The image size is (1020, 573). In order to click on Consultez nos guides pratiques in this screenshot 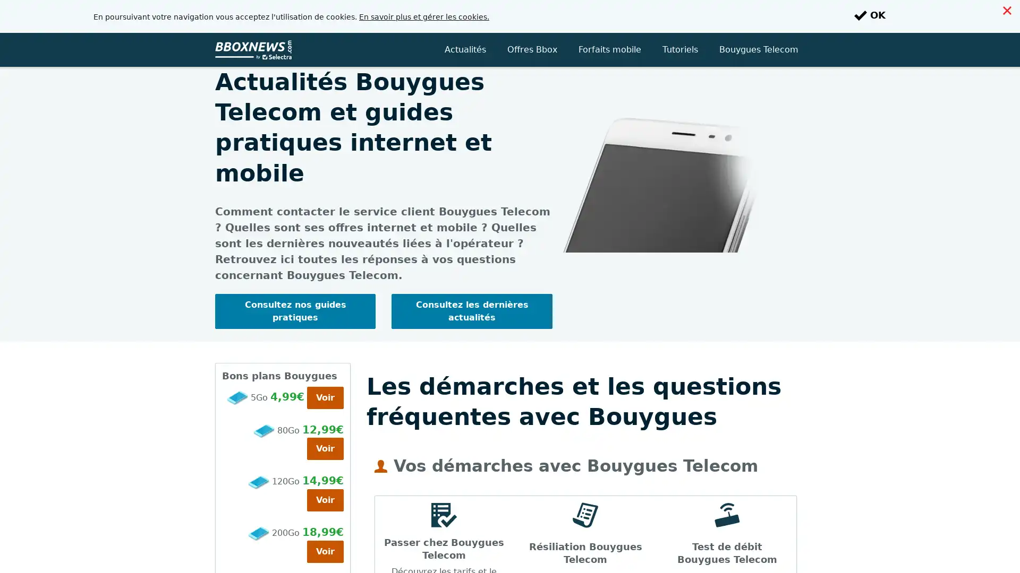, I will do `click(295, 277)`.